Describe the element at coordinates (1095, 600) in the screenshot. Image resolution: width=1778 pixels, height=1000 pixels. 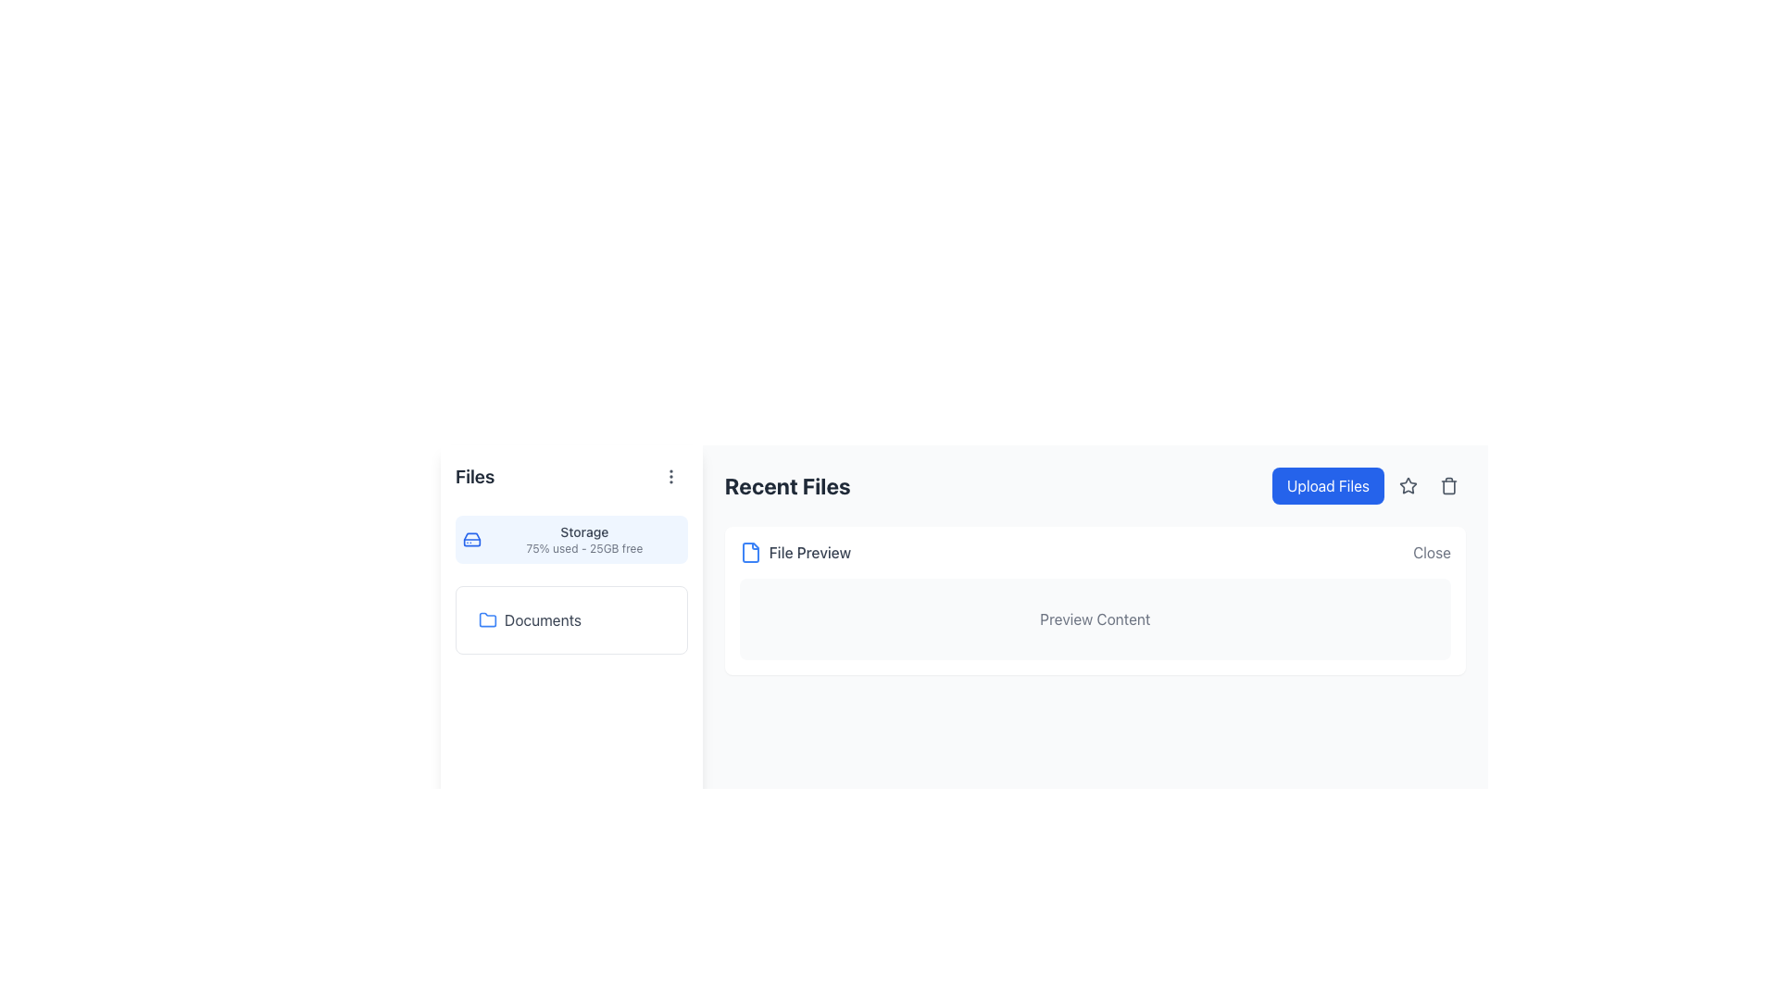
I see `the 'File Preview' title in the file preview section` at that location.